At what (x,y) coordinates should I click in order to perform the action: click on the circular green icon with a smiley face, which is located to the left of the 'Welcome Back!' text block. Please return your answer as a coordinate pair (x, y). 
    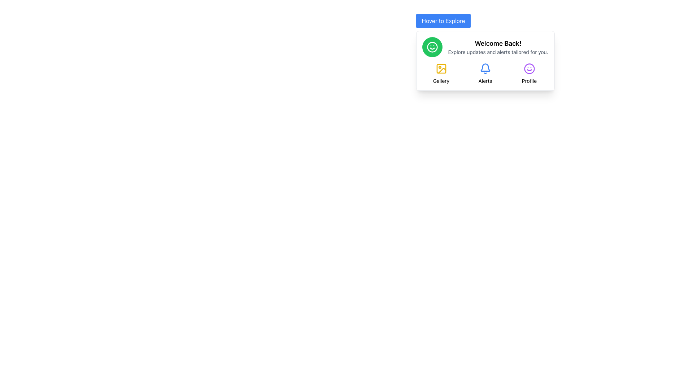
    Looking at the image, I should click on (432, 47).